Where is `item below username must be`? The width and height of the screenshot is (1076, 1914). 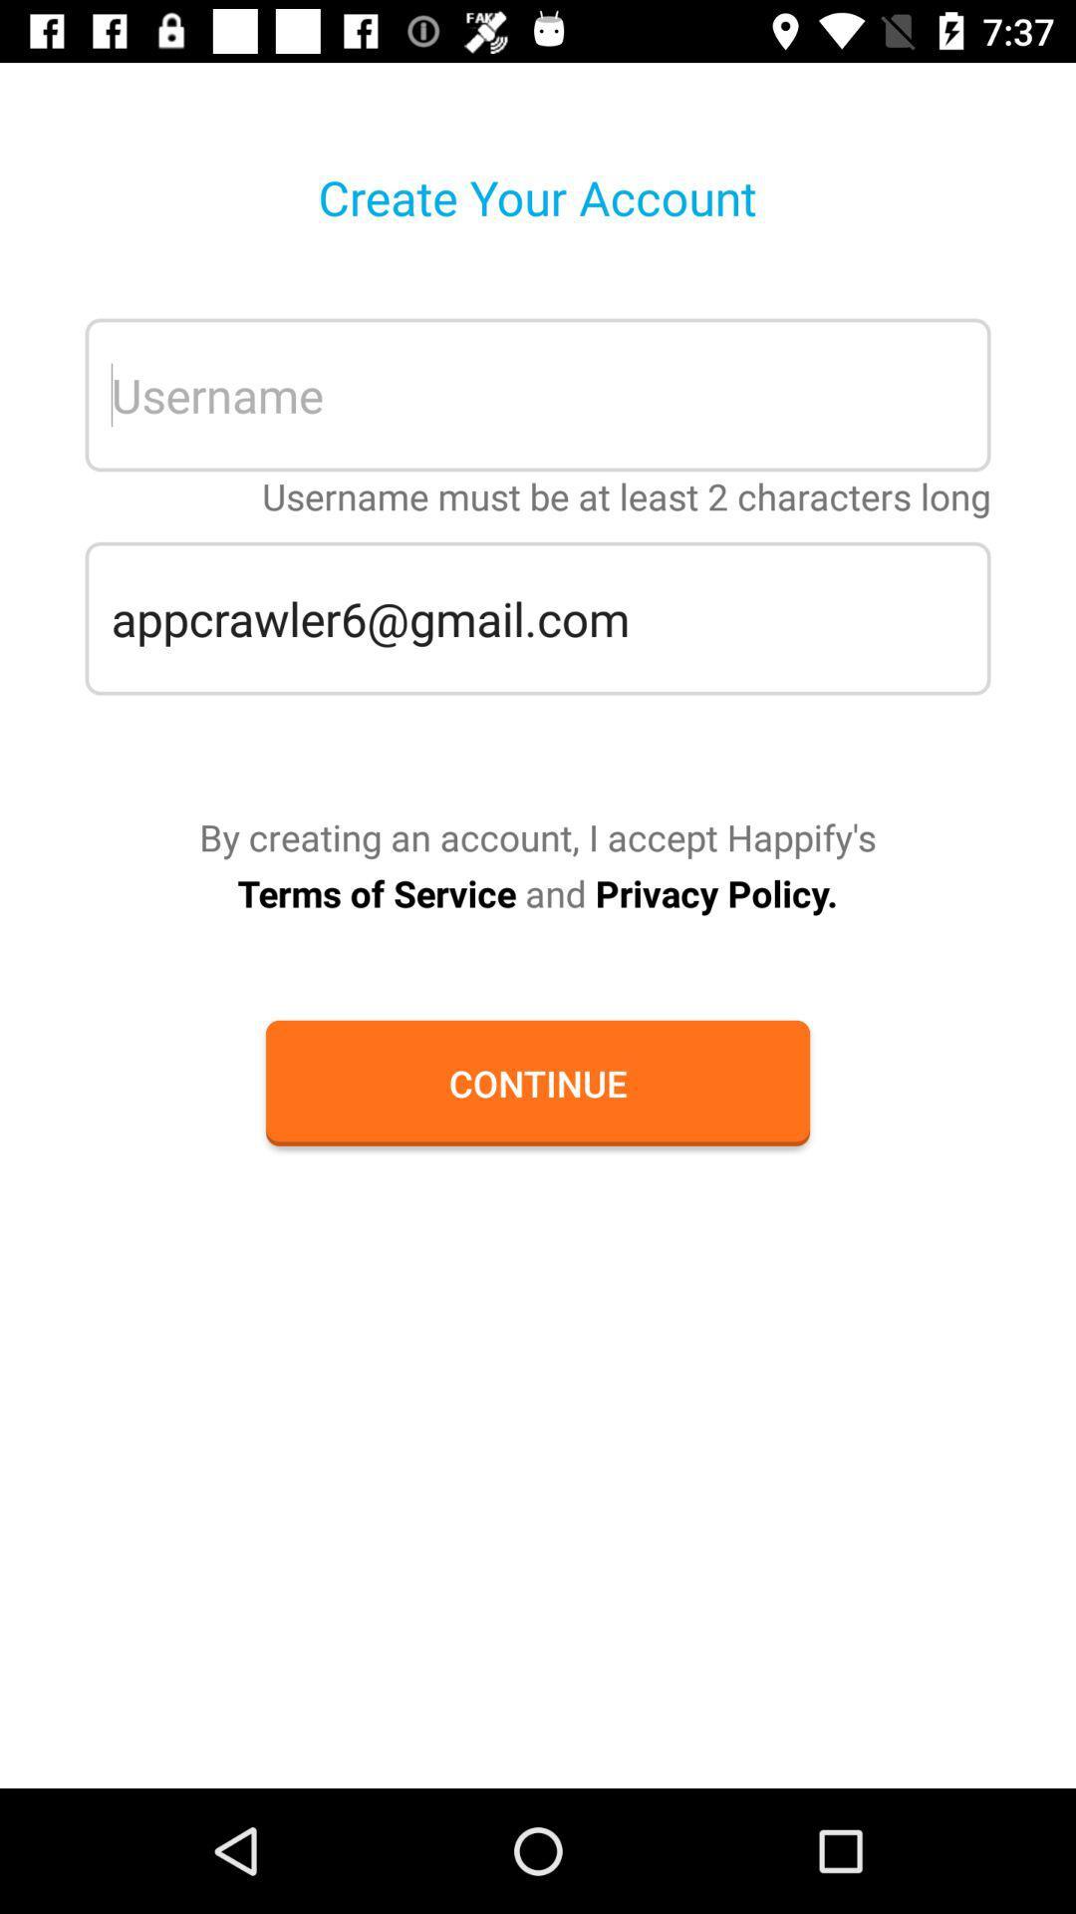
item below username must be is located at coordinates (538, 617).